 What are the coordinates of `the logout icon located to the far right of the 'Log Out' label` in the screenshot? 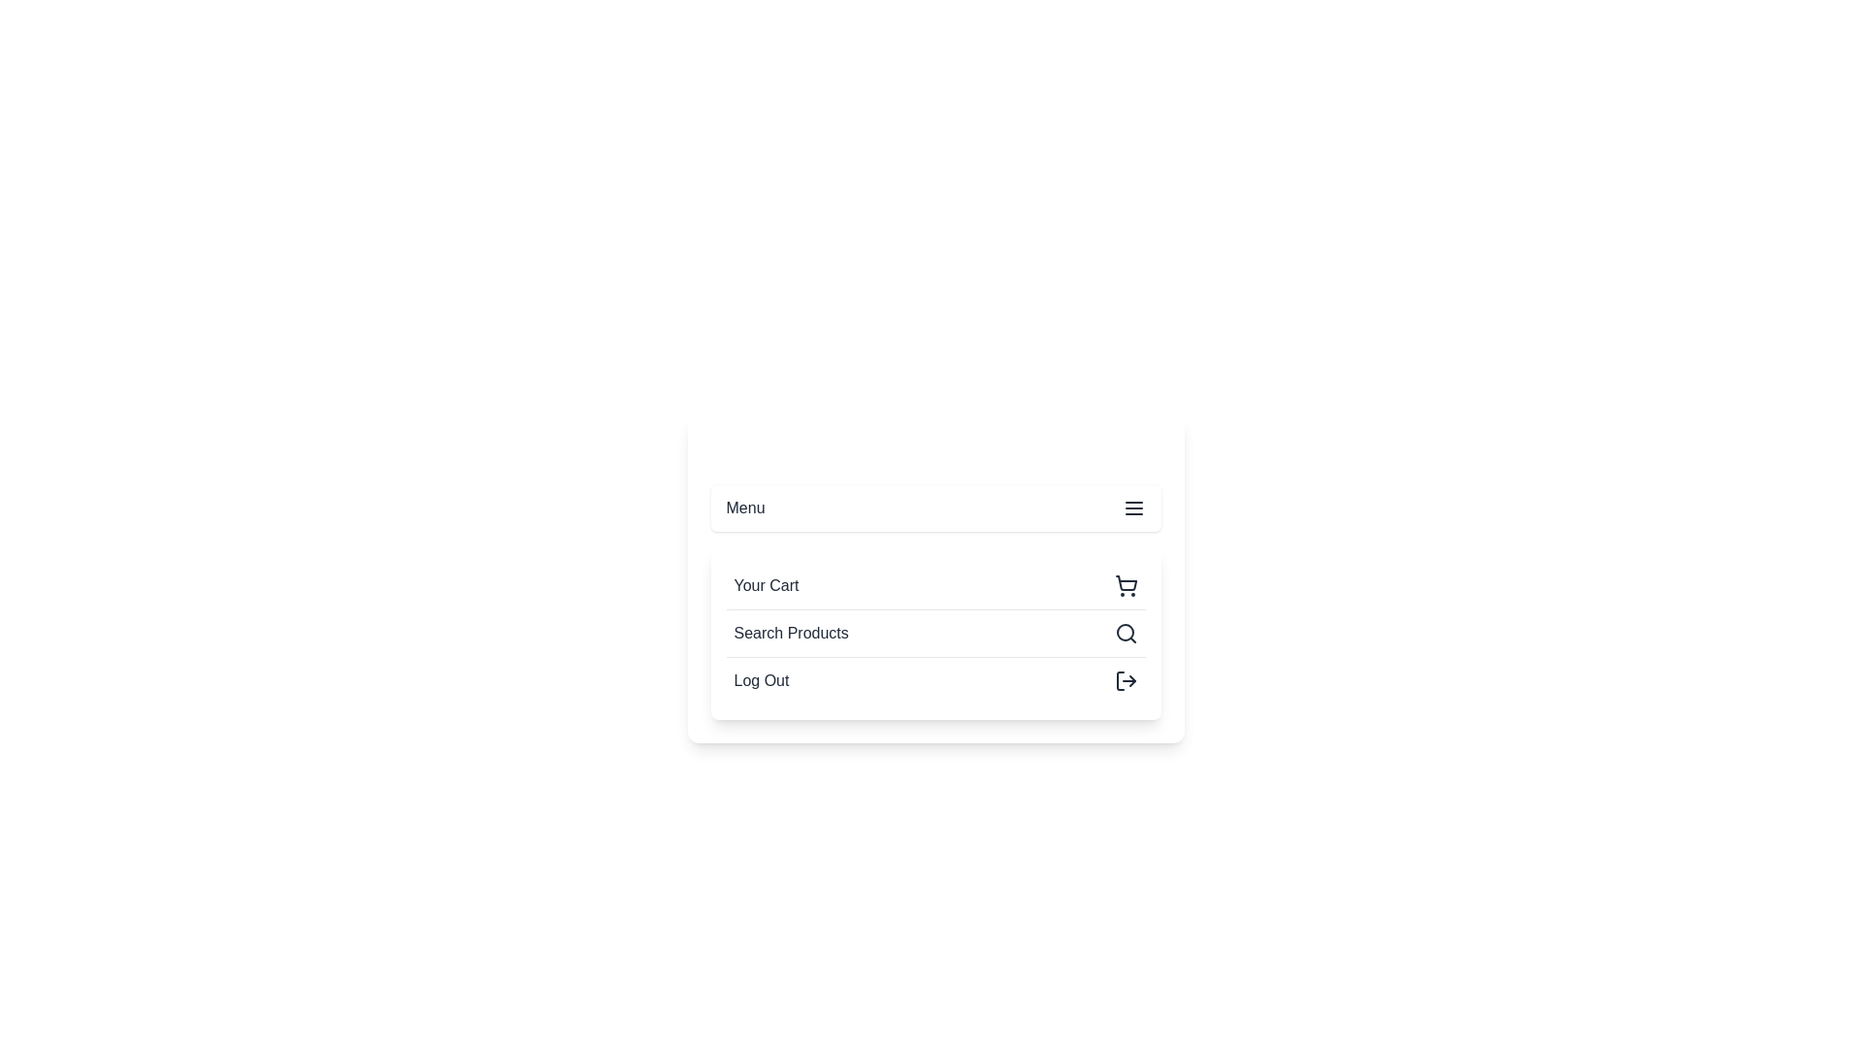 It's located at (1126, 680).